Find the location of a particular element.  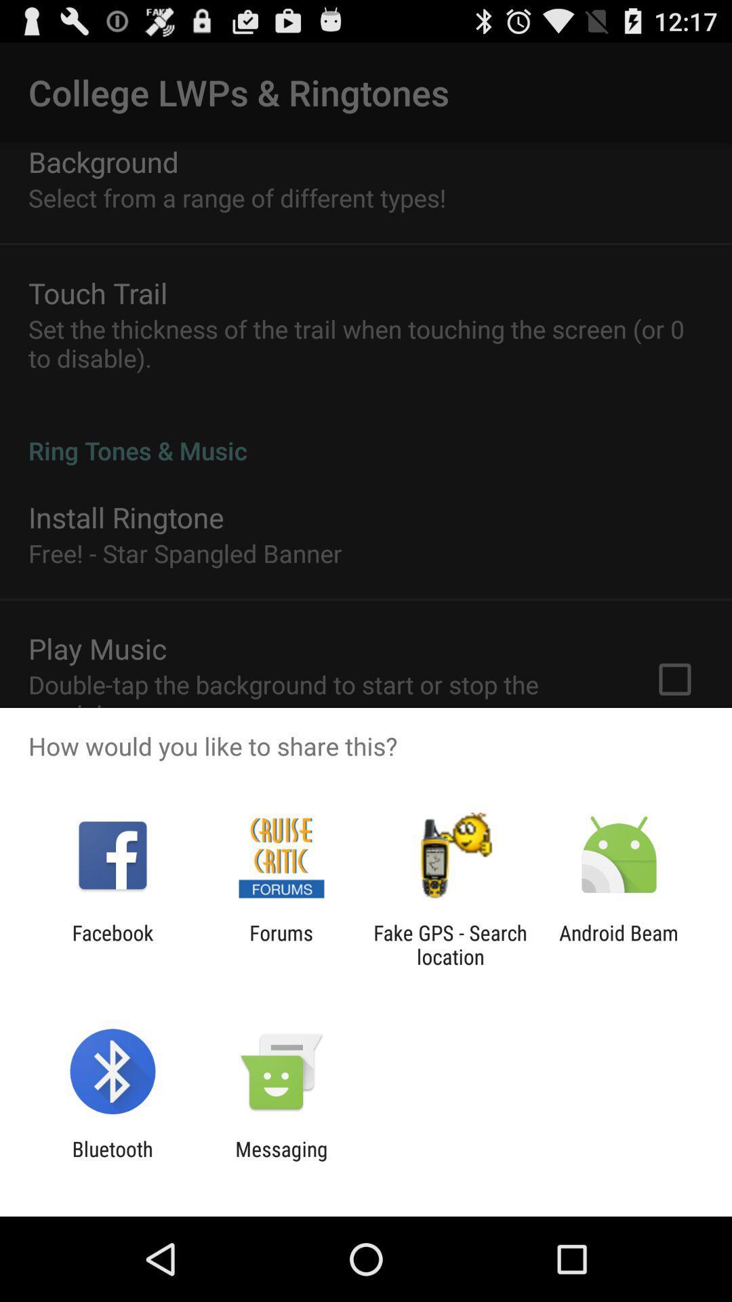

the android beam is located at coordinates (619, 944).